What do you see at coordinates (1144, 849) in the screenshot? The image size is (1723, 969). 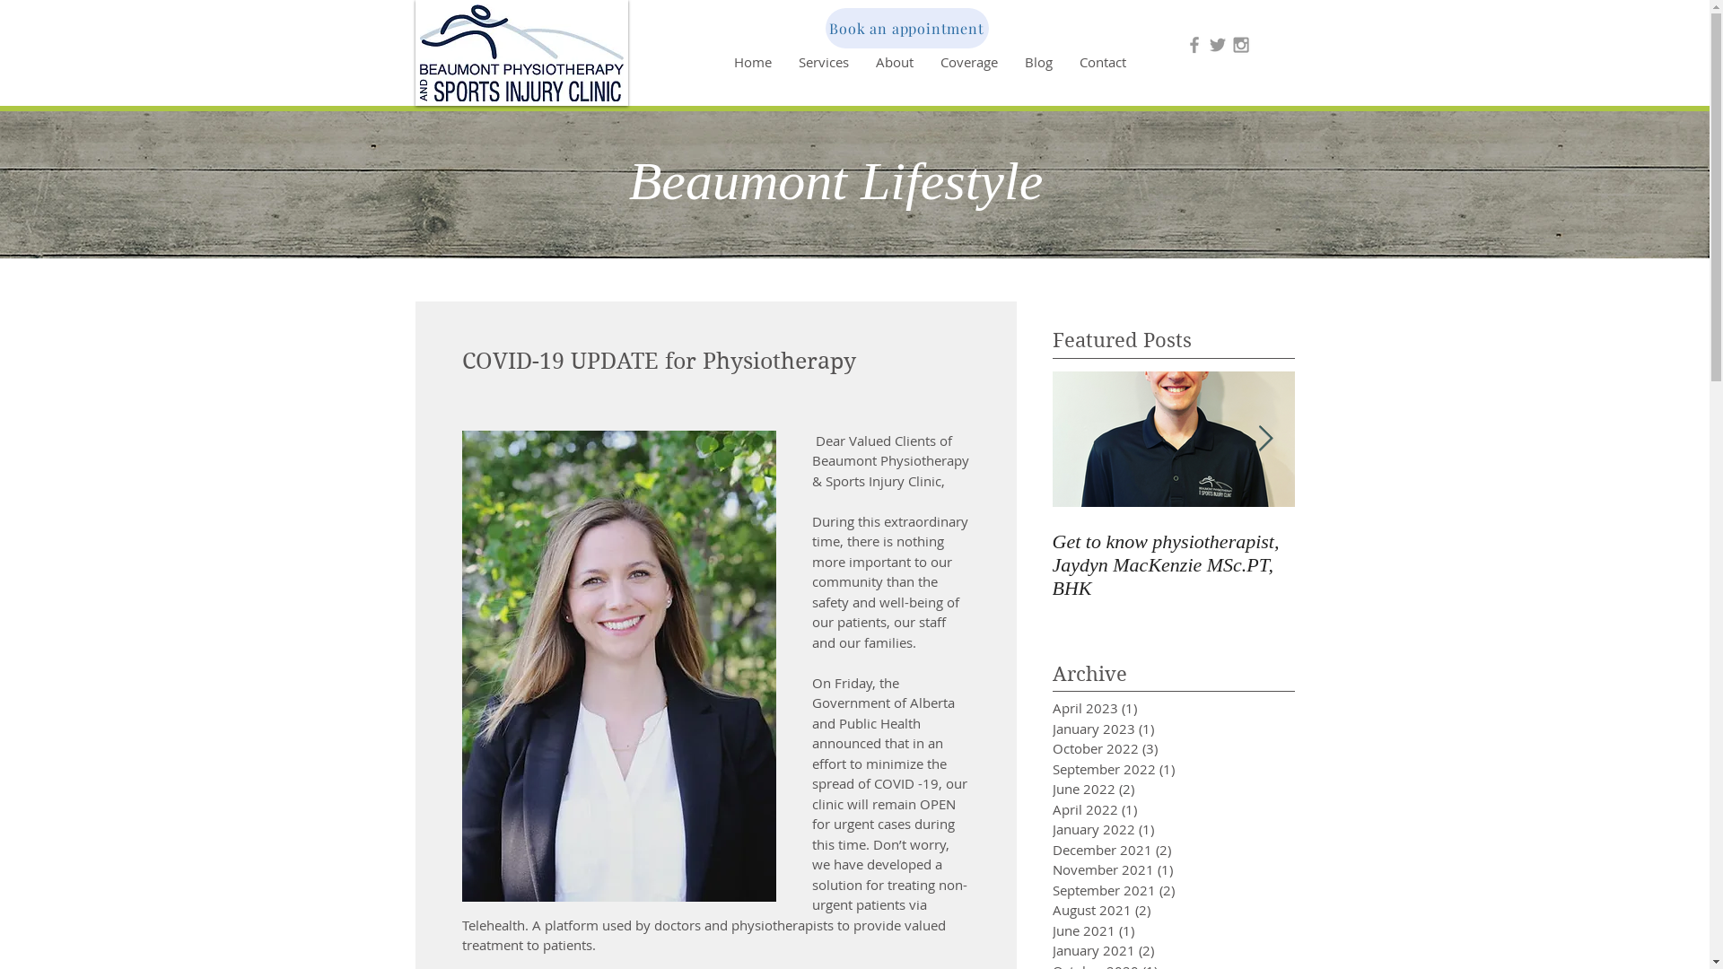 I see `'December 2021 (2)'` at bounding box center [1144, 849].